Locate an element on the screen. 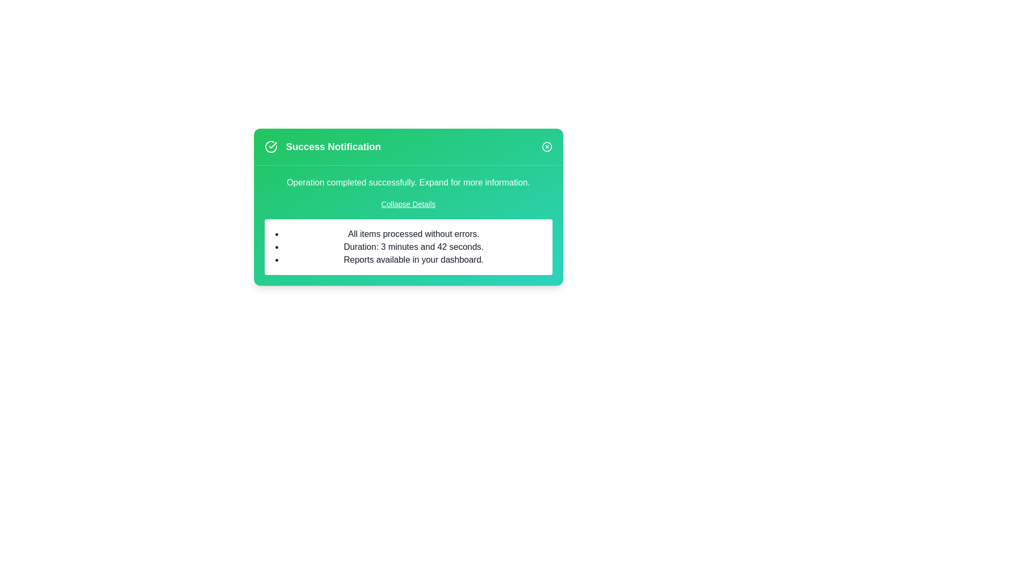 This screenshot has width=1031, height=579. the close icon to close the alert is located at coordinates (547, 146).